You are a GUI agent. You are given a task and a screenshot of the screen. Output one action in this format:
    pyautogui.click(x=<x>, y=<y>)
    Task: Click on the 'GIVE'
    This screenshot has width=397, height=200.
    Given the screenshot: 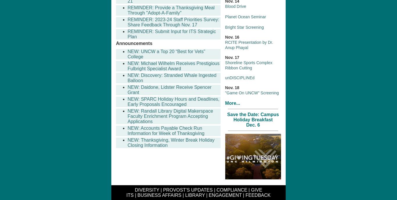 What is the action you would take?
    pyautogui.click(x=256, y=190)
    